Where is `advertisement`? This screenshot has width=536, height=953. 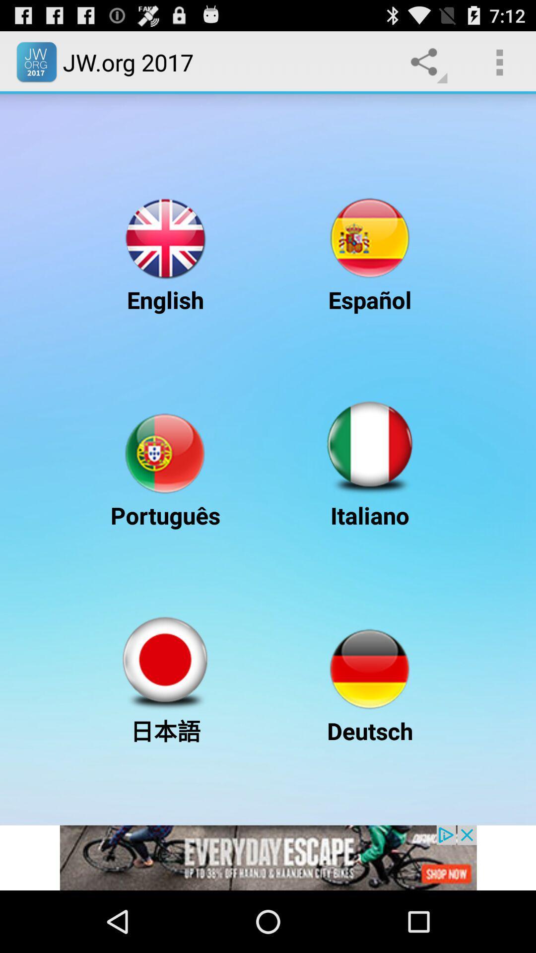 advertisement is located at coordinates (268, 857).